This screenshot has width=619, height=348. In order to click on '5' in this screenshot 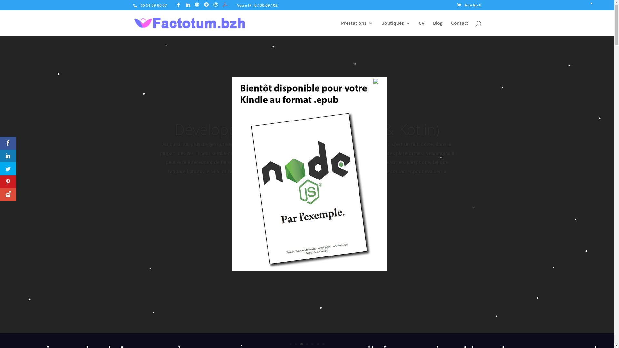, I will do `click(312, 344)`.